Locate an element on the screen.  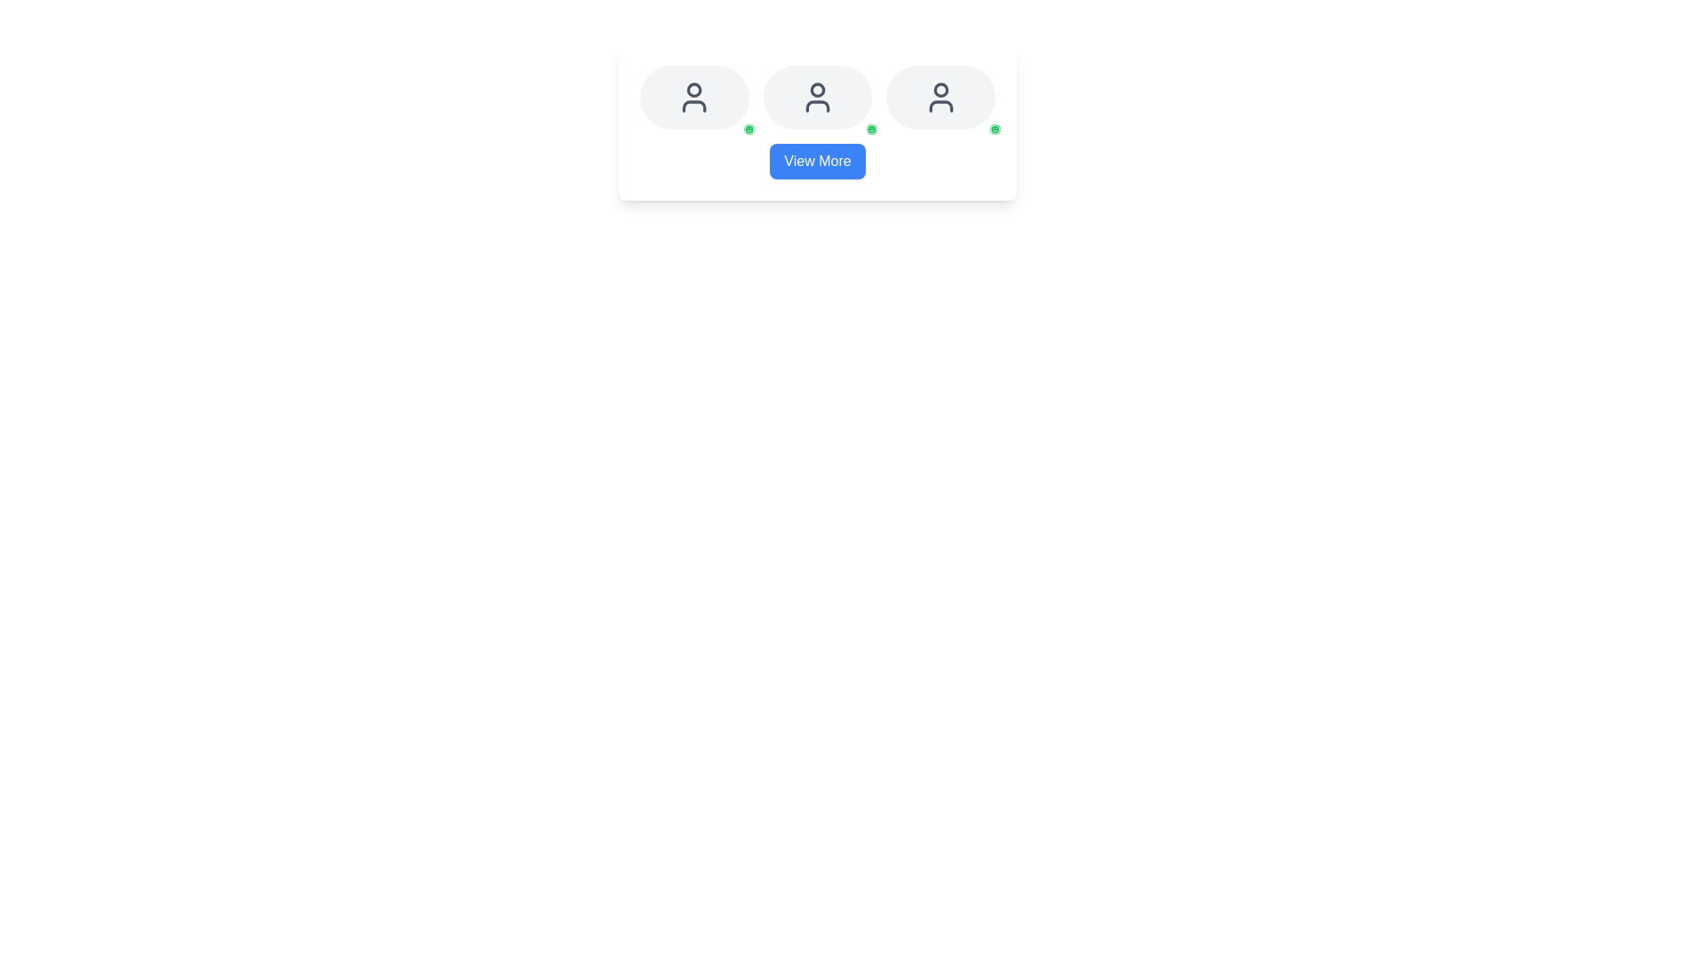
the small smiley face icon displayed in a minimal style, which is placed within a green circular background with a white border, located at the bottom-right corner of the profile block is located at coordinates (749, 129).